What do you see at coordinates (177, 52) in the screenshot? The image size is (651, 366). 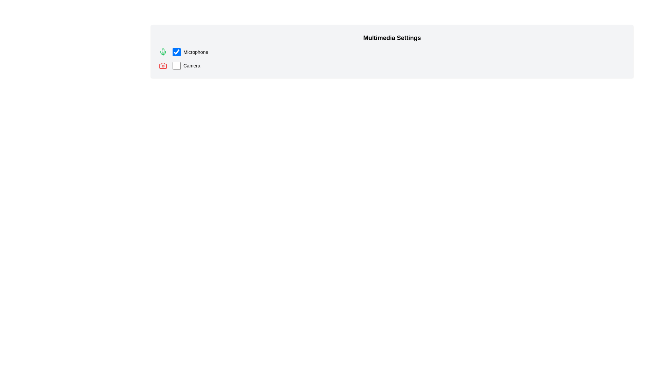 I see `the checkbox` at bounding box center [177, 52].